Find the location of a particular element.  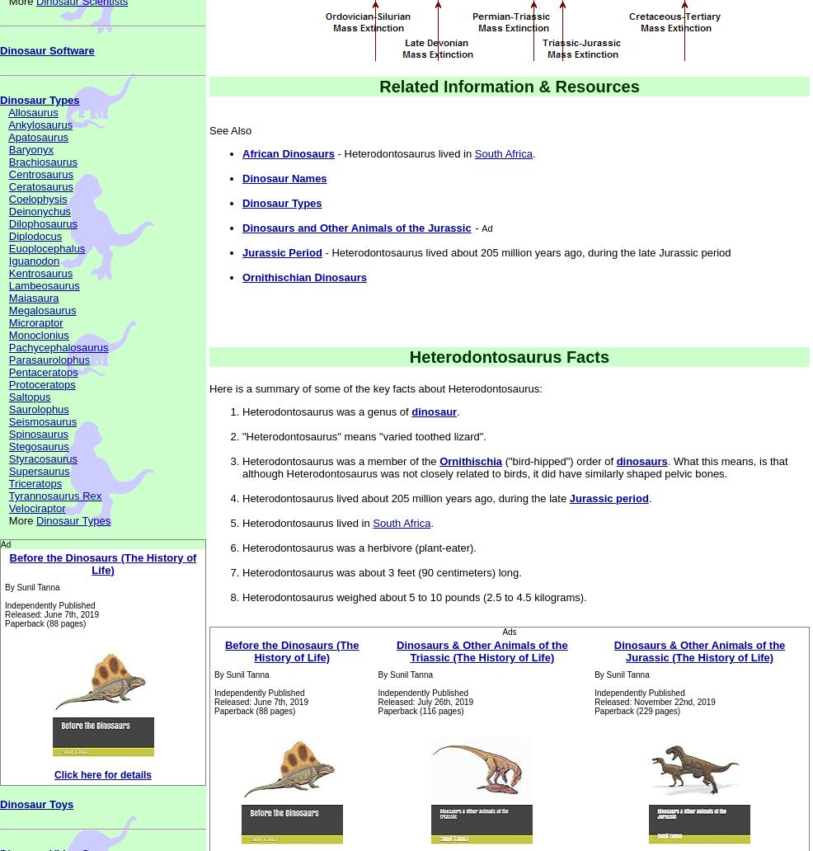

'Saurolophus' is located at coordinates (7, 408).